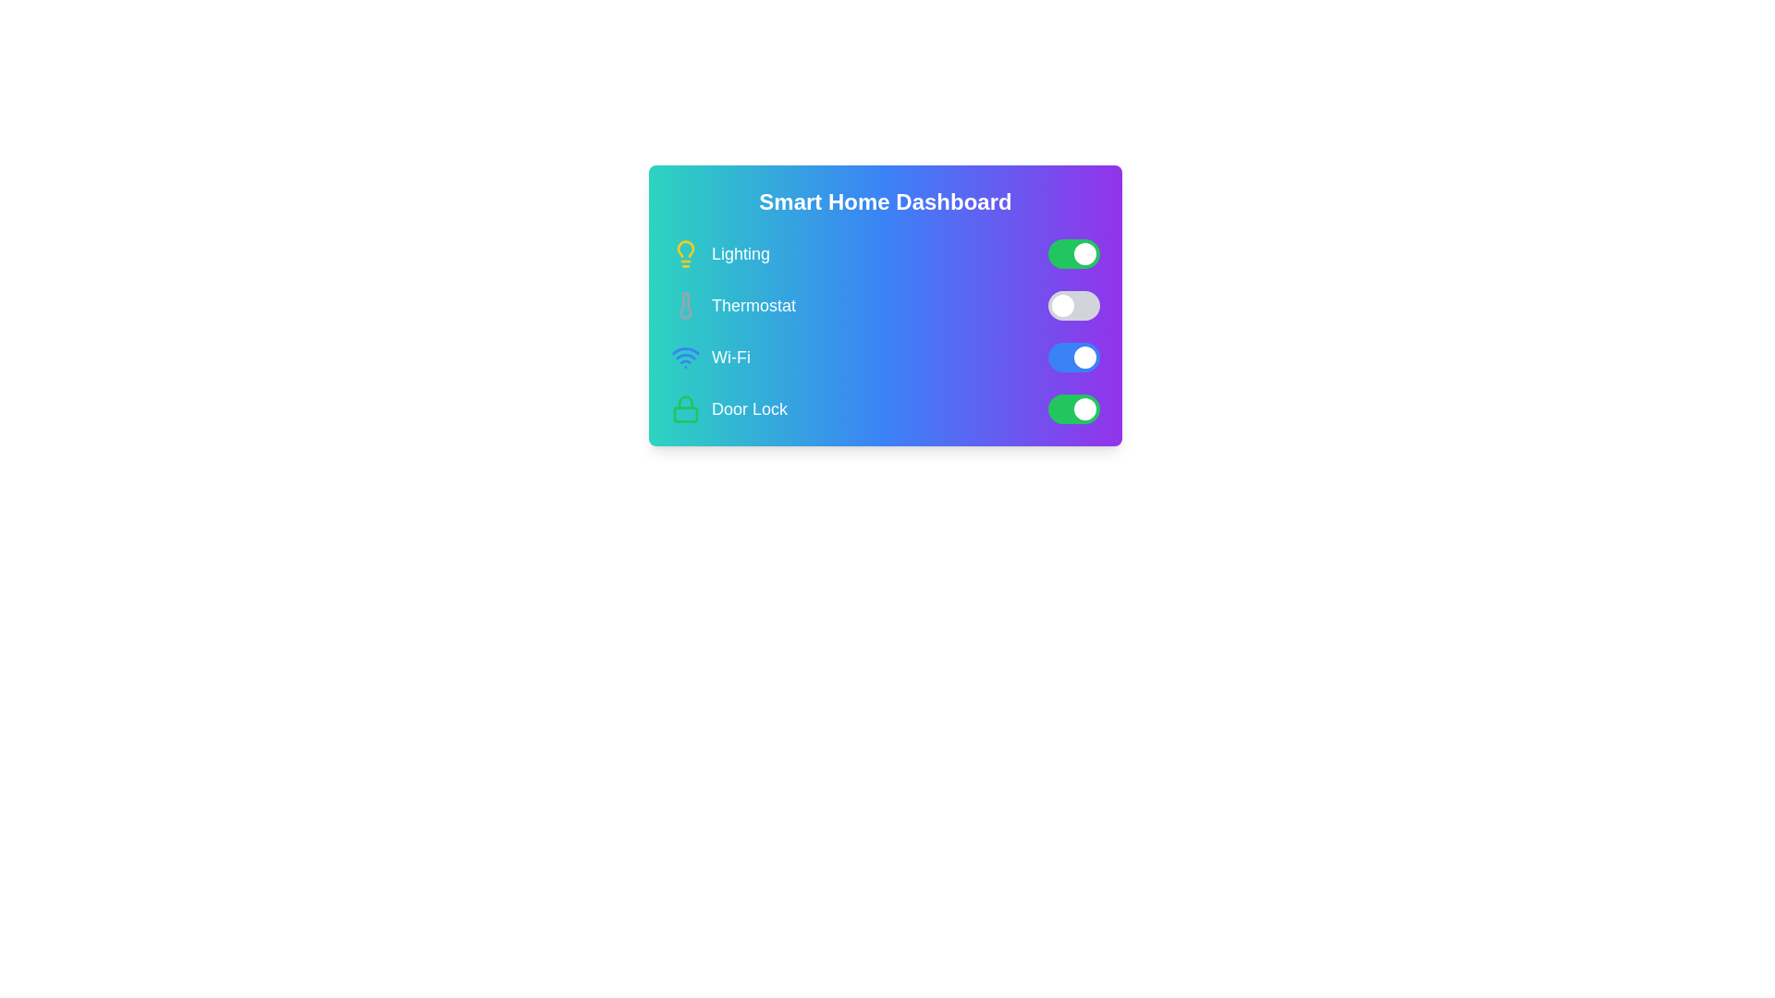 This screenshot has width=1775, height=998. I want to click on the 'Thermostat' icon located in the 'Smart Home Dashboard', positioned to the left of the text 'Thermostat' and above the toggle switch, so click(685, 305).